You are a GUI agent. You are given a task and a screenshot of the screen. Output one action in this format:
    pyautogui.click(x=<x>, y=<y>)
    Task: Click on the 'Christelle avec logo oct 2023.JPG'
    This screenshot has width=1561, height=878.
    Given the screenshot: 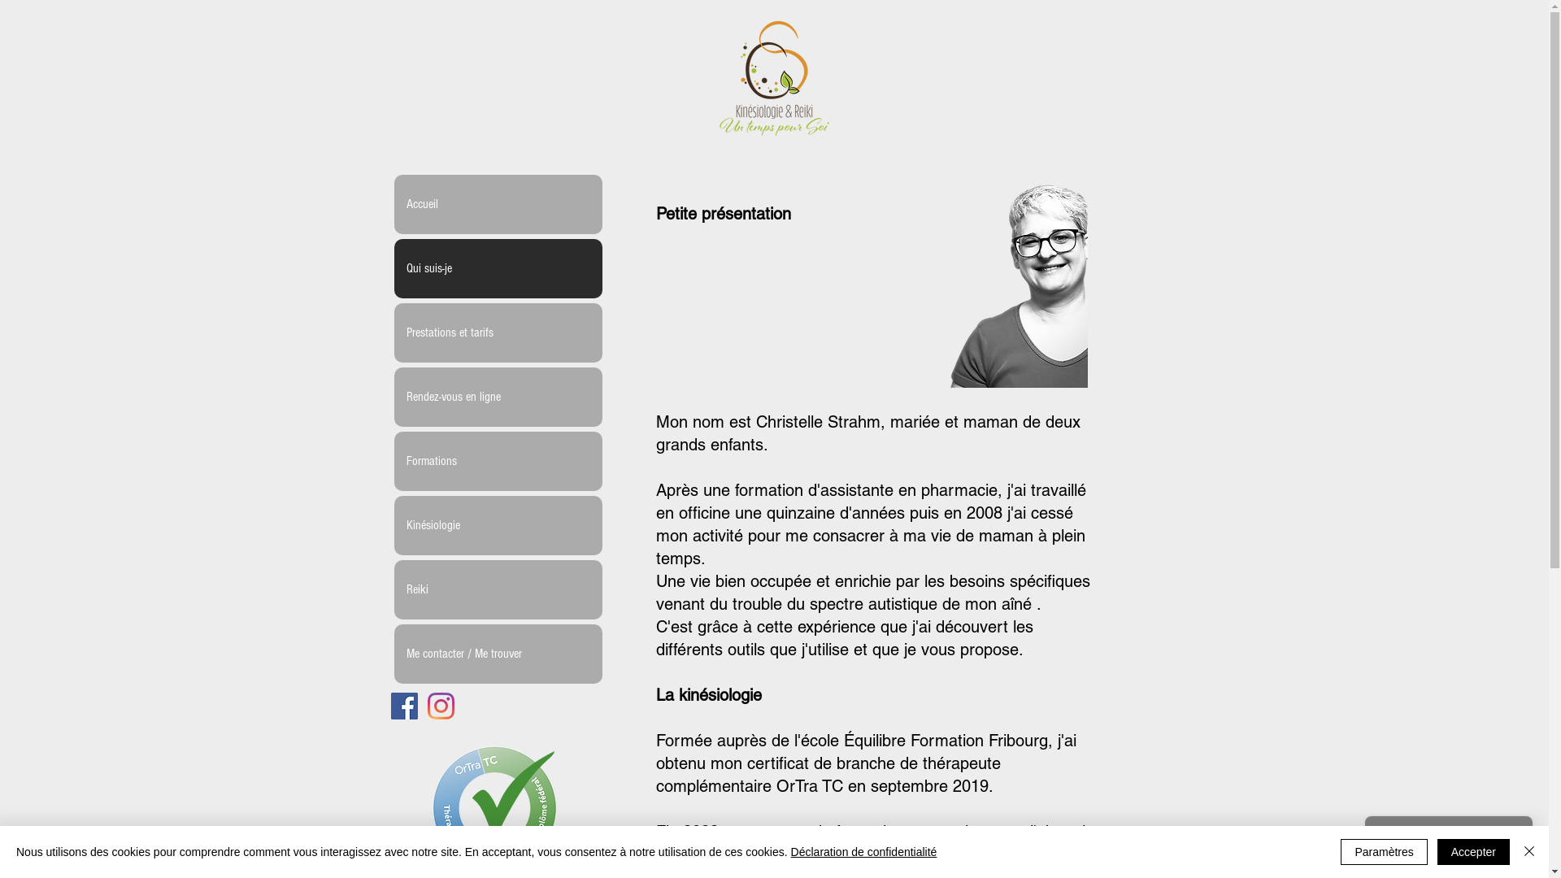 What is the action you would take?
    pyautogui.click(x=1001, y=272)
    